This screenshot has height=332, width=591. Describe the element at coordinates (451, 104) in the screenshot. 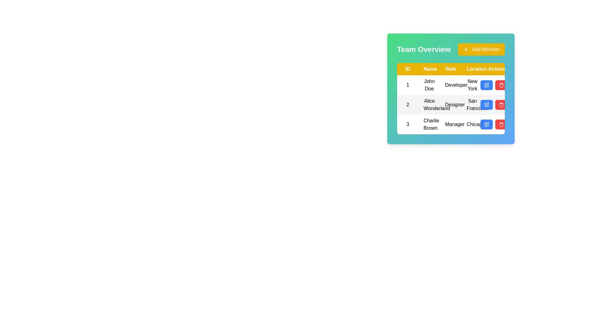

I see `the second row of the 'Team Overview' table, which contains the user entry for 'Alice Wonderland'` at that location.